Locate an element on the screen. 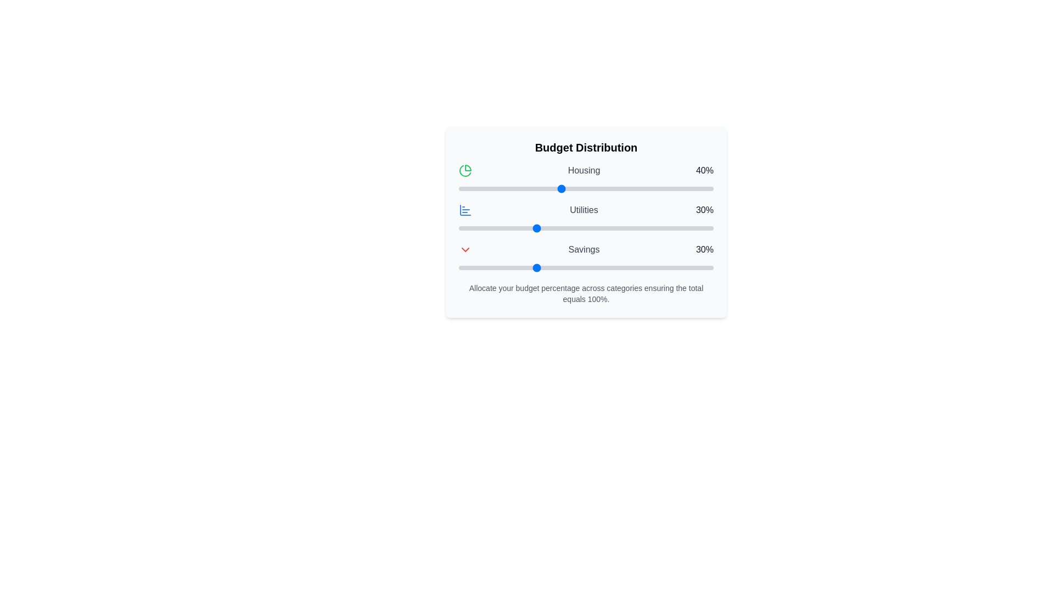 This screenshot has width=1054, height=593. the slider value is located at coordinates (558, 228).